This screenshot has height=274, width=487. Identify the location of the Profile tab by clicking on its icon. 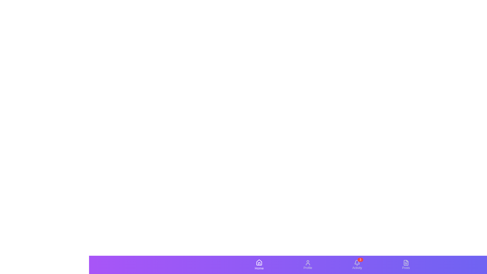
(307, 265).